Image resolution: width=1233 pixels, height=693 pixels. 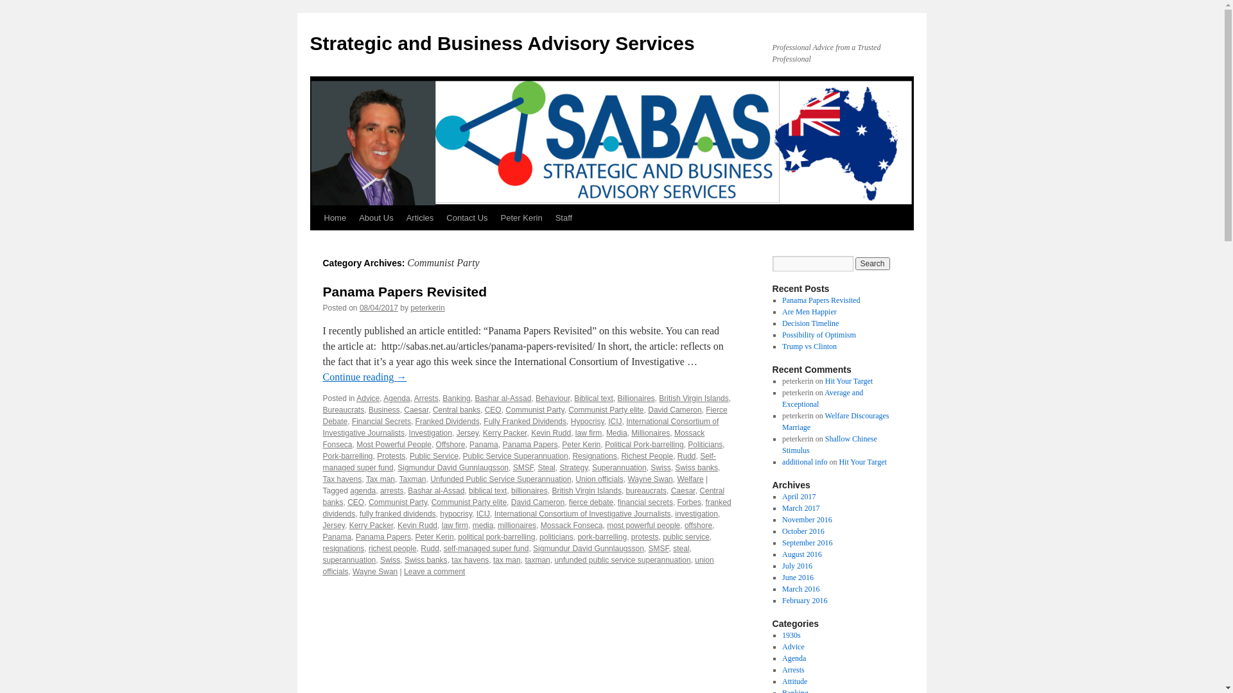 I want to click on 'ICIJ', so click(x=614, y=421).